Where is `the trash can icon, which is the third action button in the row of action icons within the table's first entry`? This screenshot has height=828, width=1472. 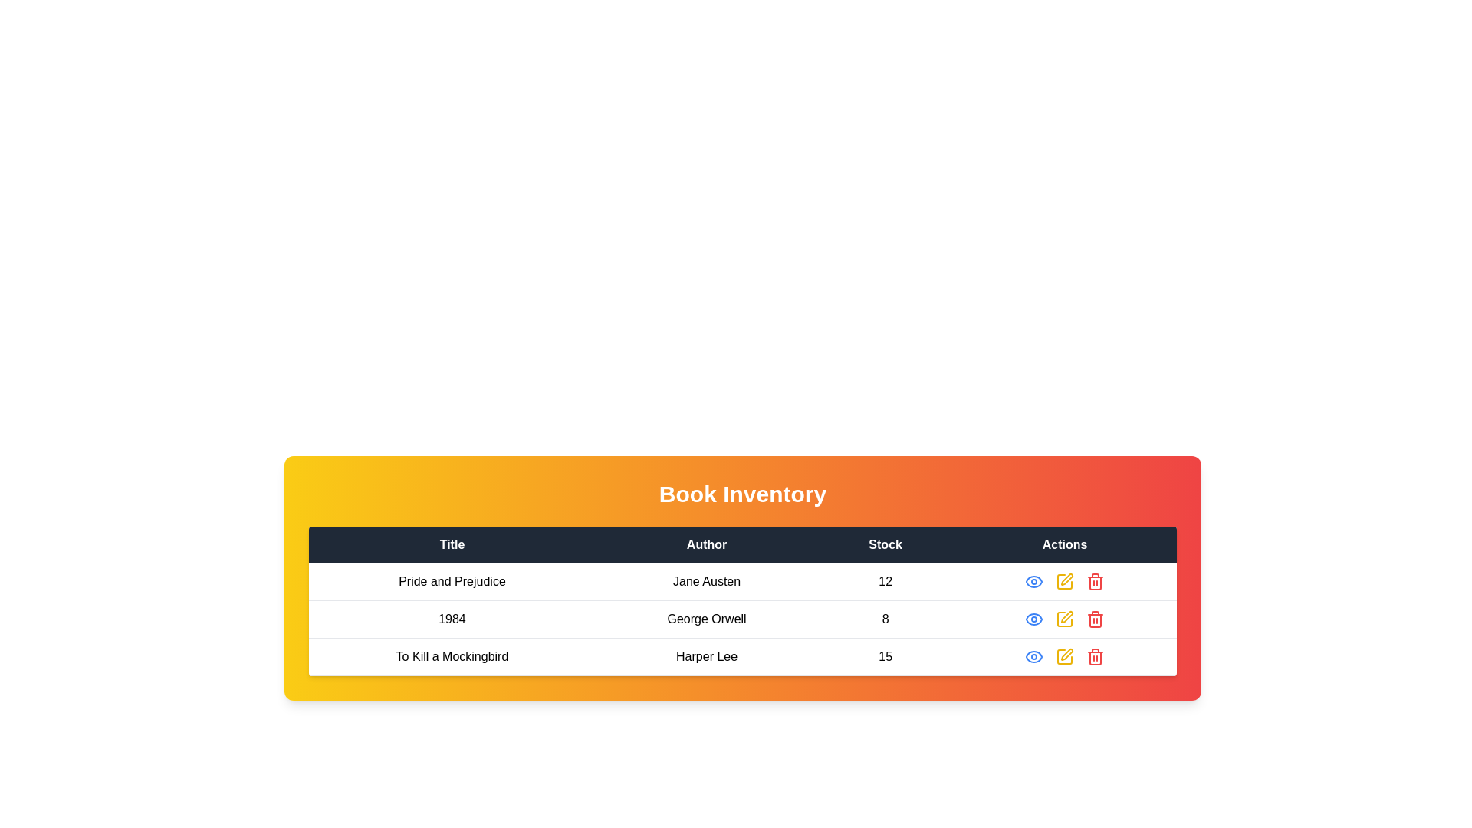 the trash can icon, which is the third action button in the row of action icons within the table's first entry is located at coordinates (1095, 582).